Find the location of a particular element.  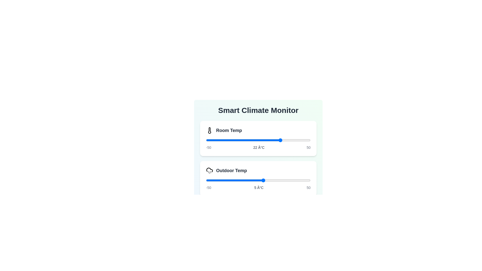

the slider for 'Room Temp' to set its value to 40 is located at coordinates (300, 140).